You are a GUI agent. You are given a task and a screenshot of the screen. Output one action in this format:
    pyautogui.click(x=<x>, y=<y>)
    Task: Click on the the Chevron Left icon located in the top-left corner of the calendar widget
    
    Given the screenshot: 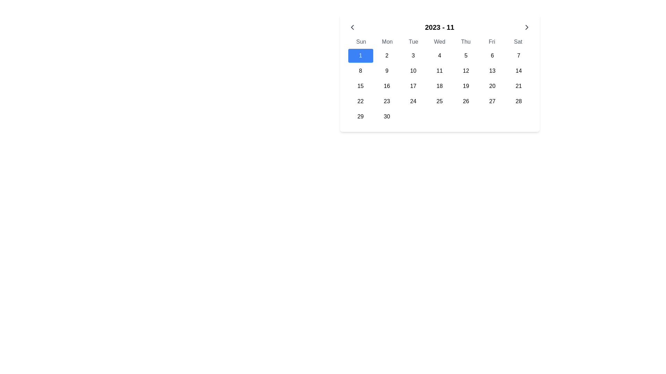 What is the action you would take?
    pyautogui.click(x=352, y=27)
    